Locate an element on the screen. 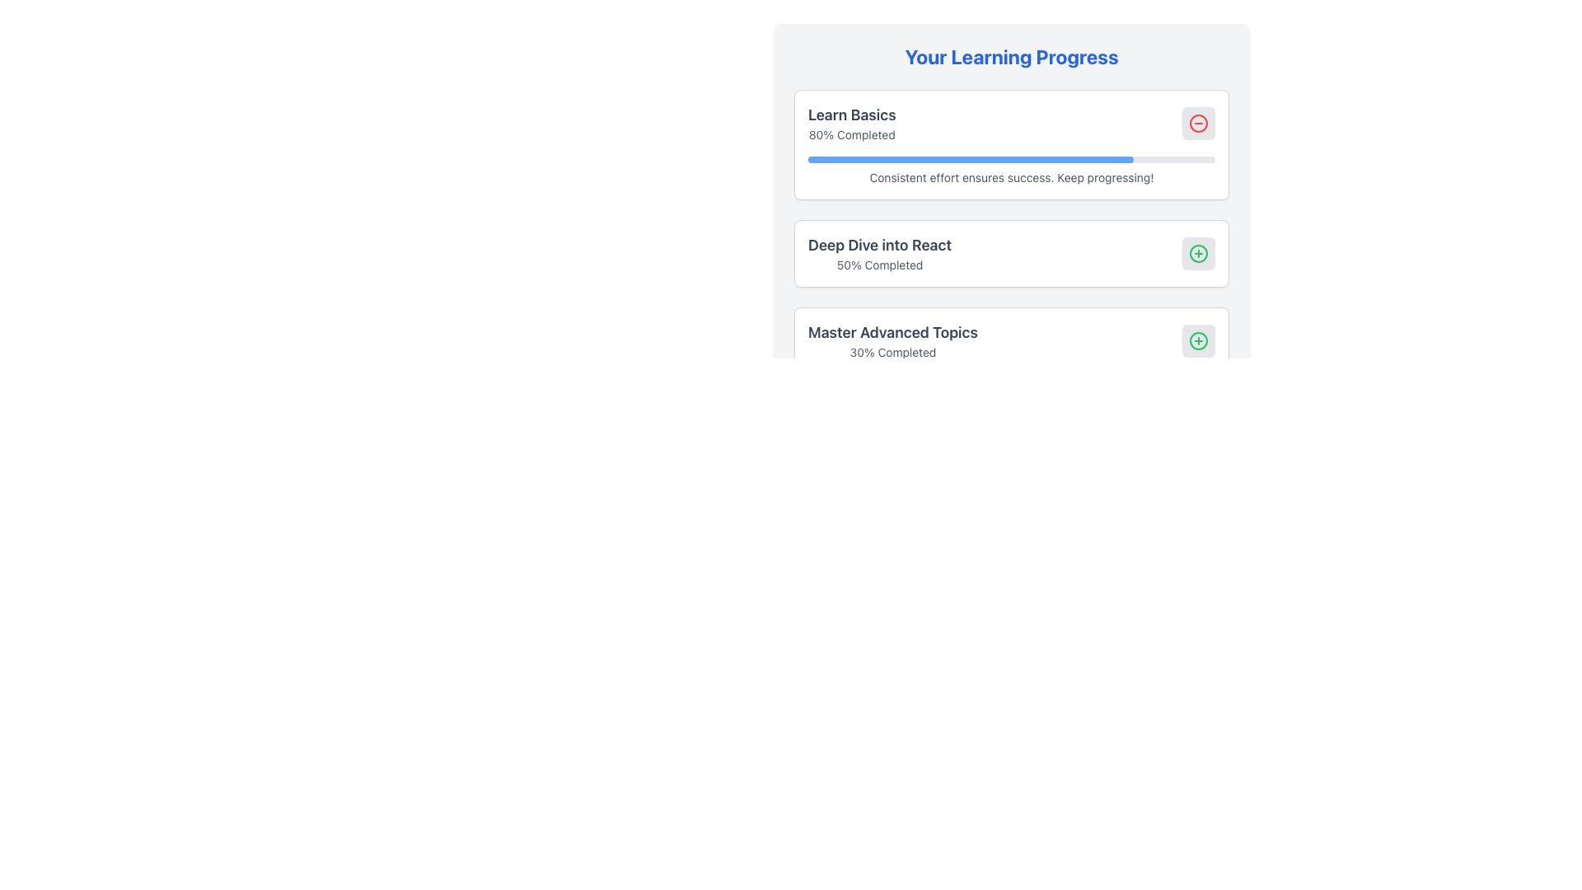 Image resolution: width=1582 pixels, height=890 pixels. the static text styled in a small gray font located below the blue progress bar inside the 'Learn Basics' card is located at coordinates (1011, 178).